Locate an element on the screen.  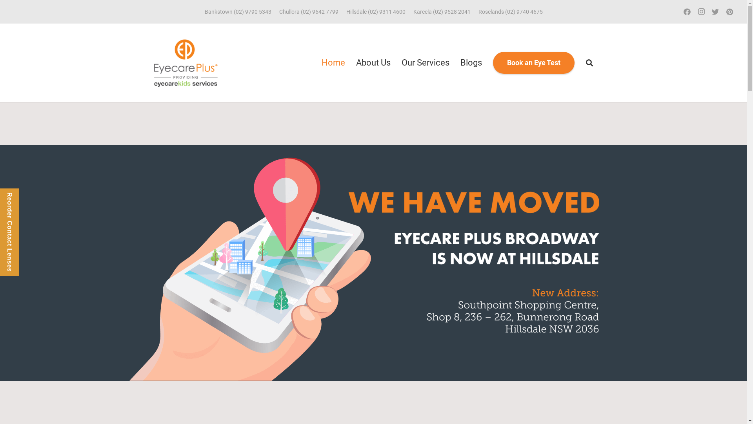
'Home' is located at coordinates (333, 62).